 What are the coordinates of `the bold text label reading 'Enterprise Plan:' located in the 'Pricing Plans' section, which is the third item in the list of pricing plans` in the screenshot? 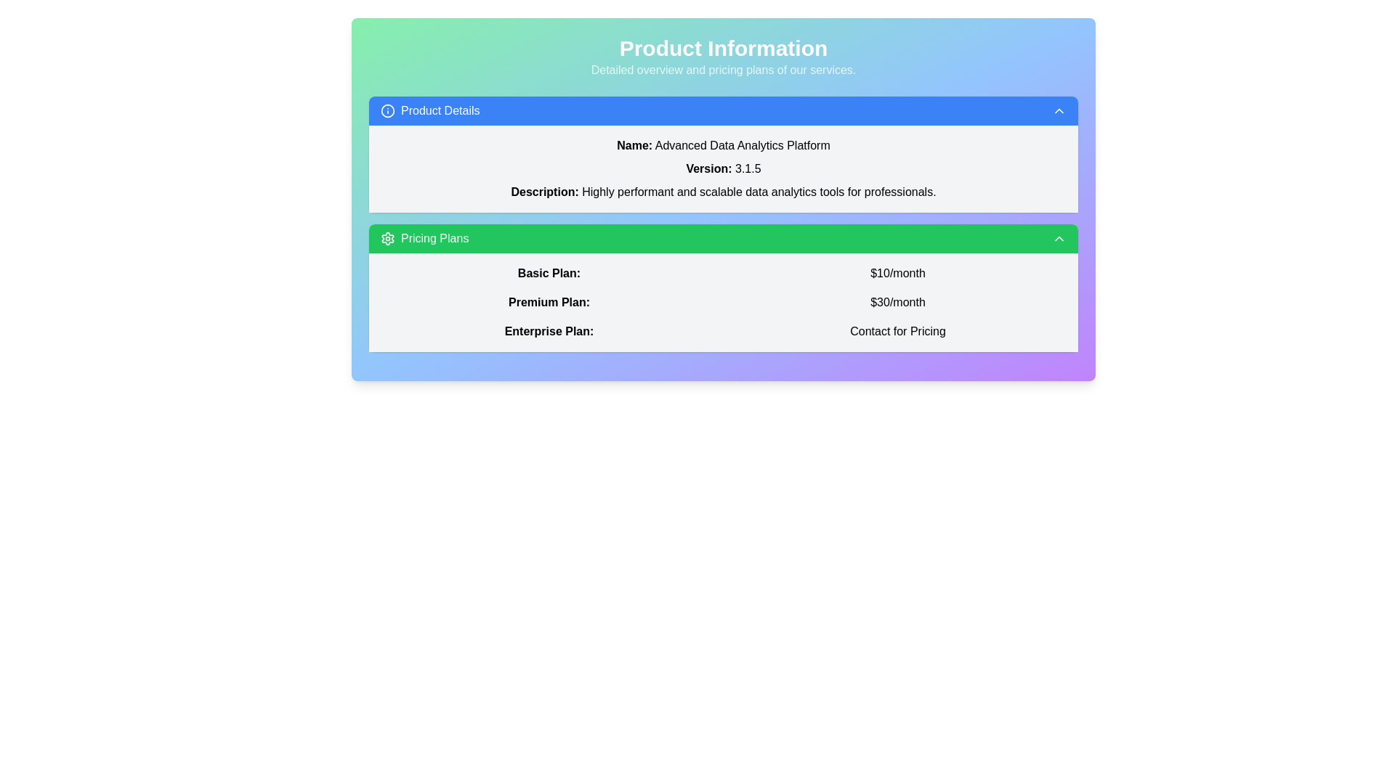 It's located at (548, 331).